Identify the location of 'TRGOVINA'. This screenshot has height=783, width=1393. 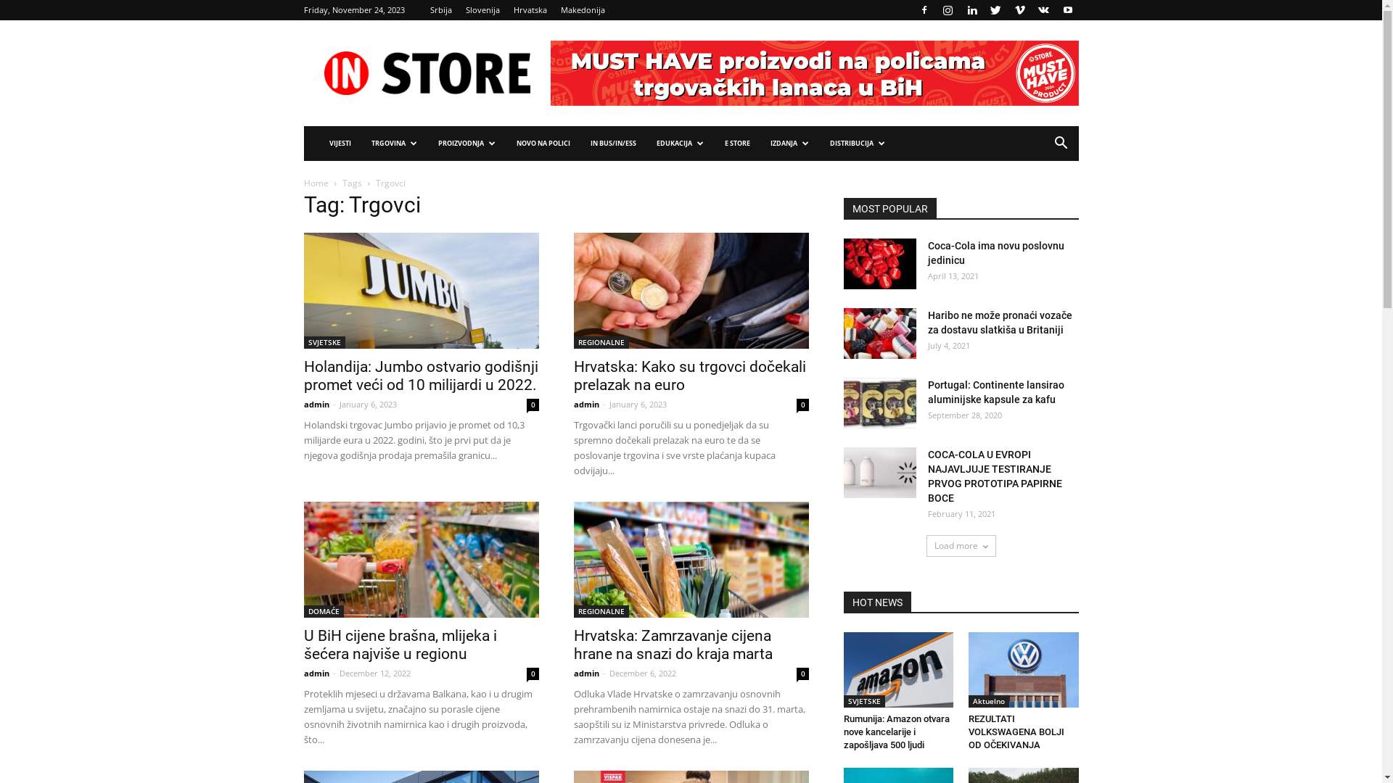
(394, 143).